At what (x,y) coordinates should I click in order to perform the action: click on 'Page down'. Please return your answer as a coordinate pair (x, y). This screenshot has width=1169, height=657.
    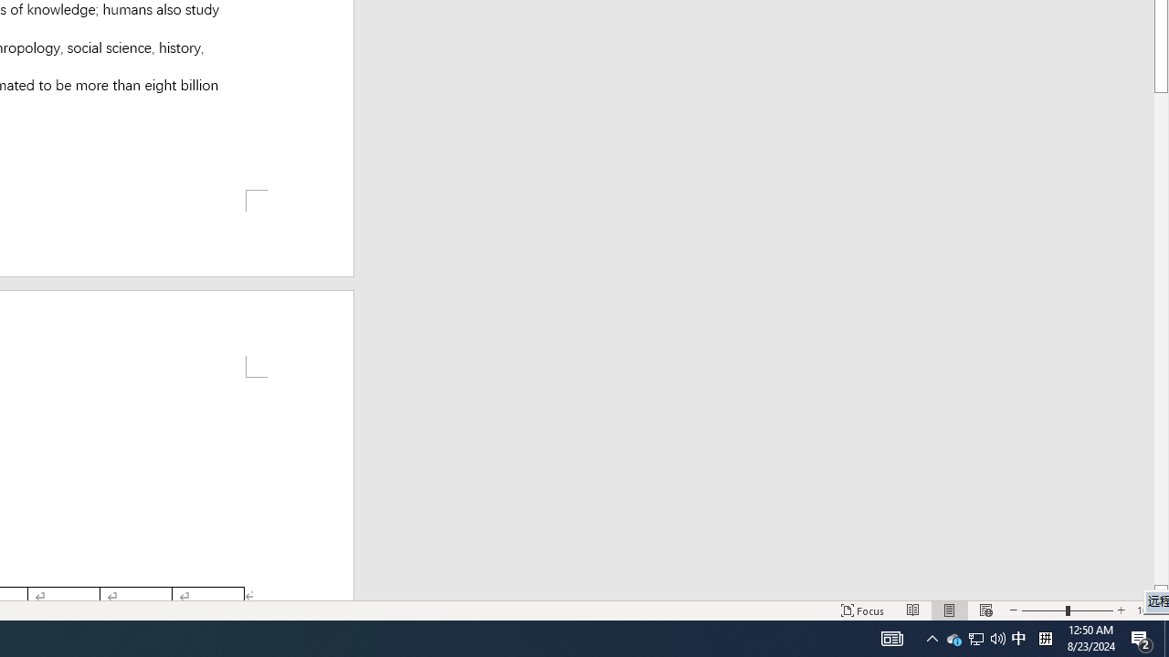
    Looking at the image, I should click on (1160, 339).